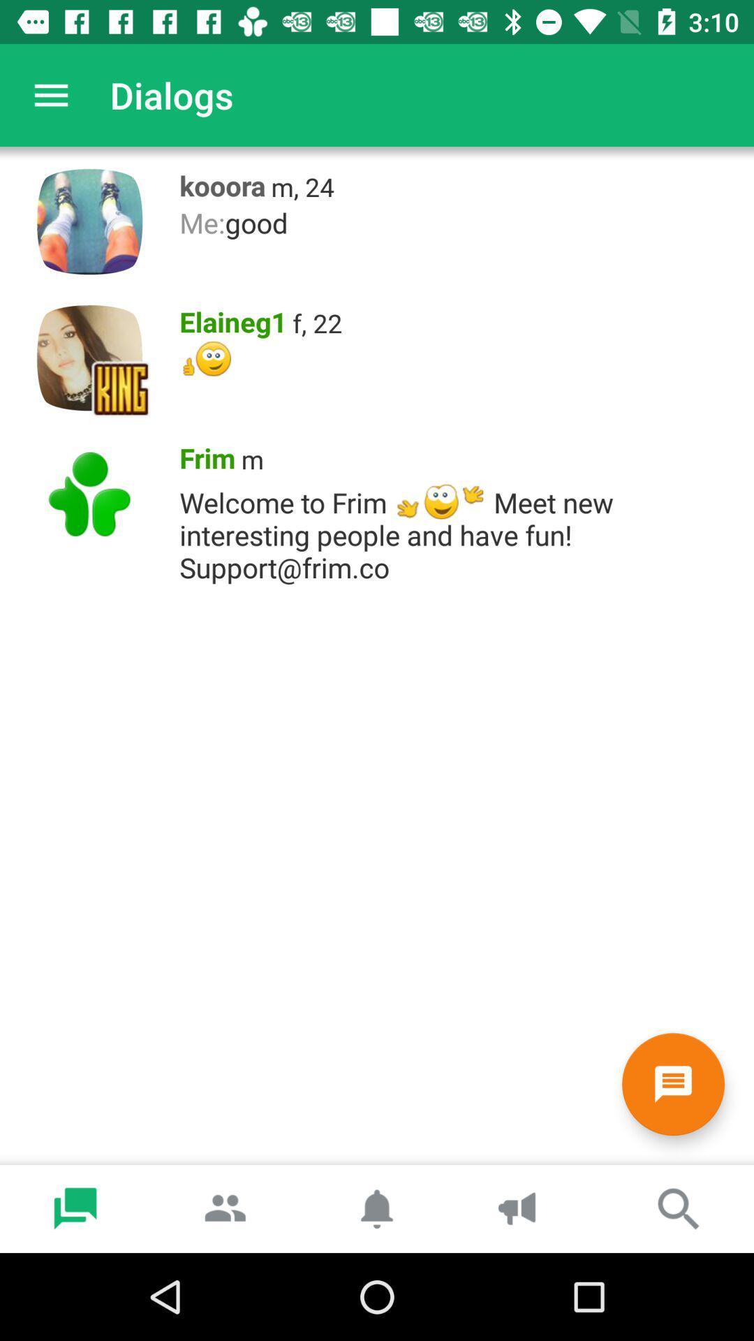 This screenshot has height=1341, width=754. I want to click on icon below kooora item, so click(459, 222).